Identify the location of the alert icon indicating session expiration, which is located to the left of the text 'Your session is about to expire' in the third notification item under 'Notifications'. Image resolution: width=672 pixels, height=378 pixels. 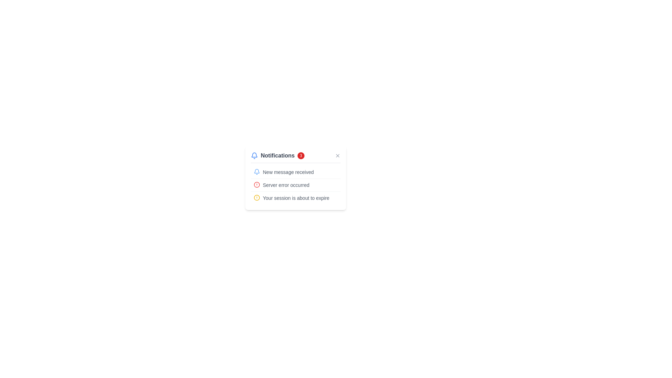
(257, 197).